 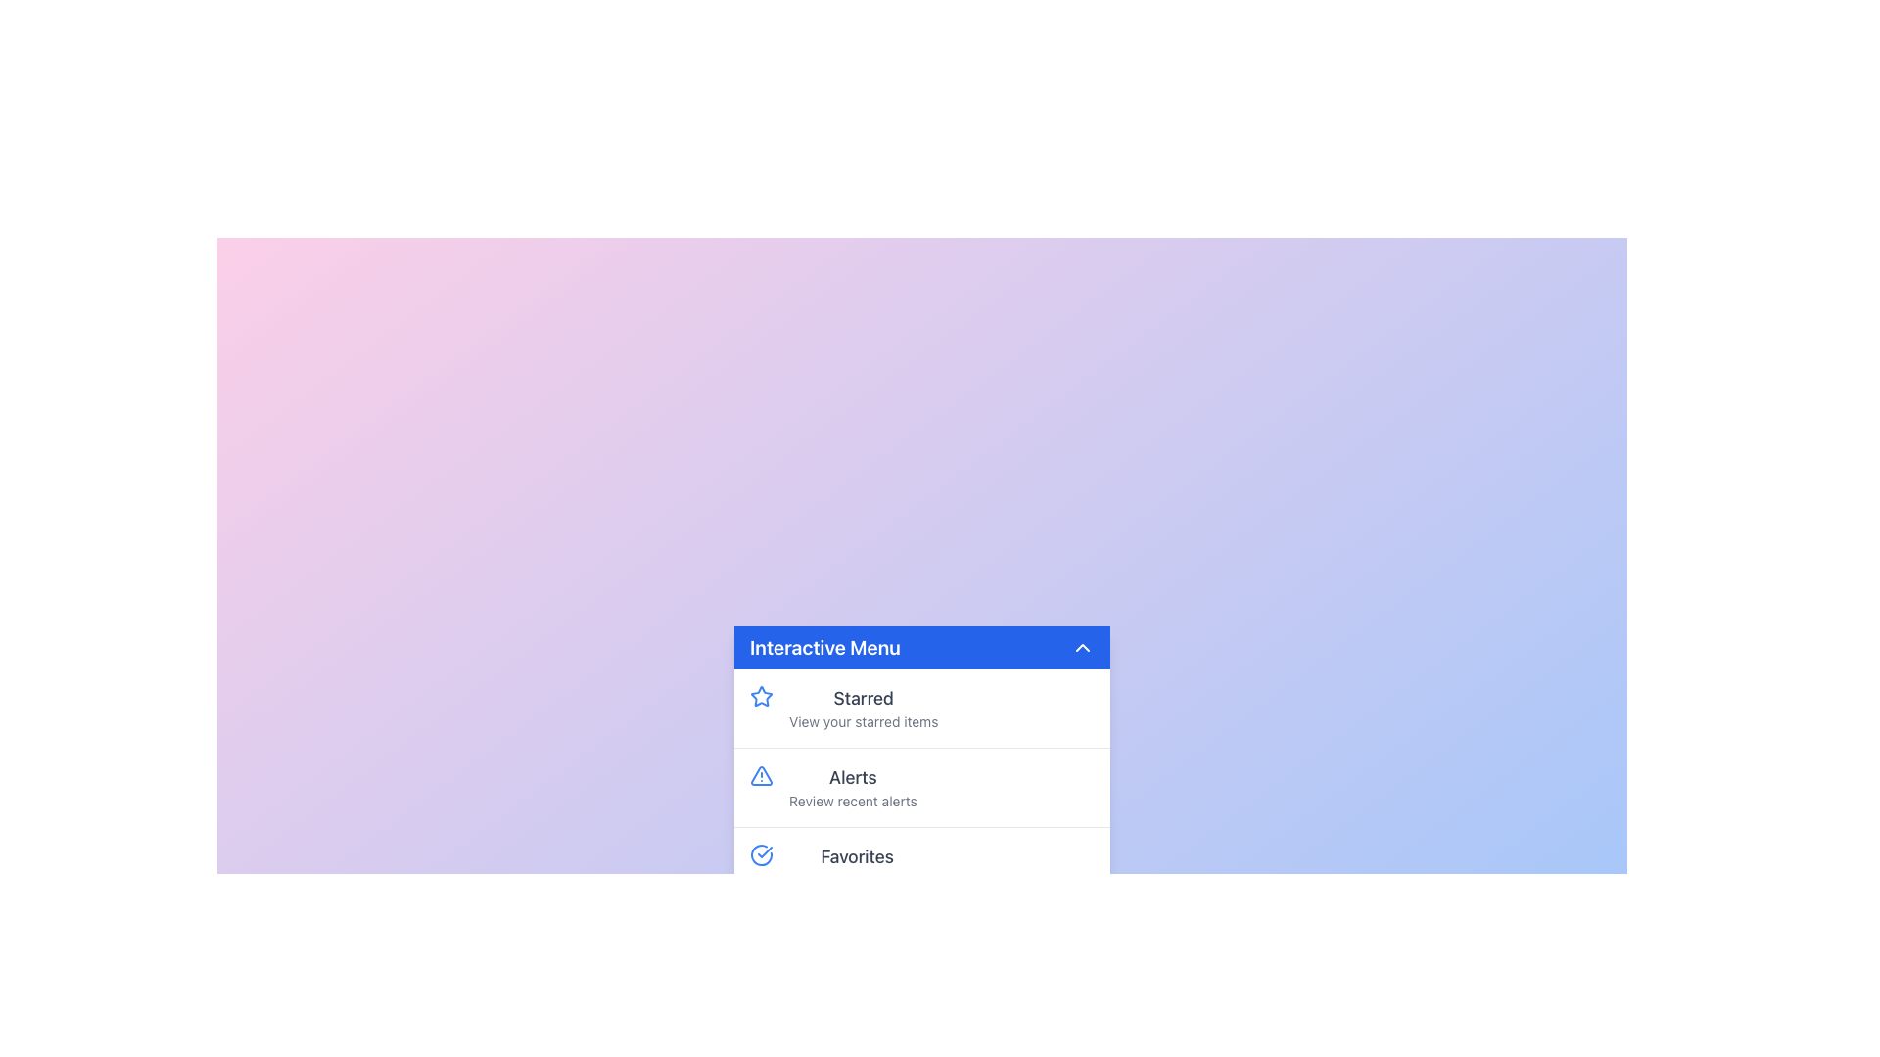 I want to click on the 'Alerts' menu item, which is the second item in the vertical menu list titled 'Interactive Menu', so click(x=920, y=787).